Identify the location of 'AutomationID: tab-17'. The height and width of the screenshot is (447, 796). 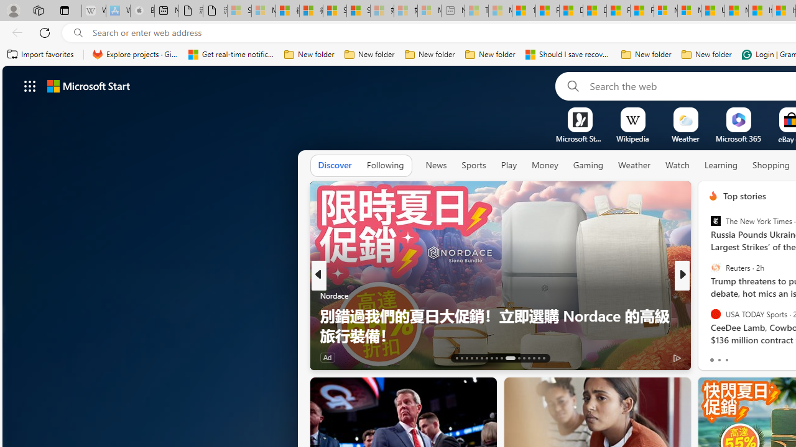
(476, 358).